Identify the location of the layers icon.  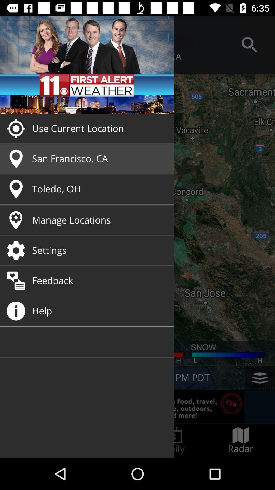
(260, 378).